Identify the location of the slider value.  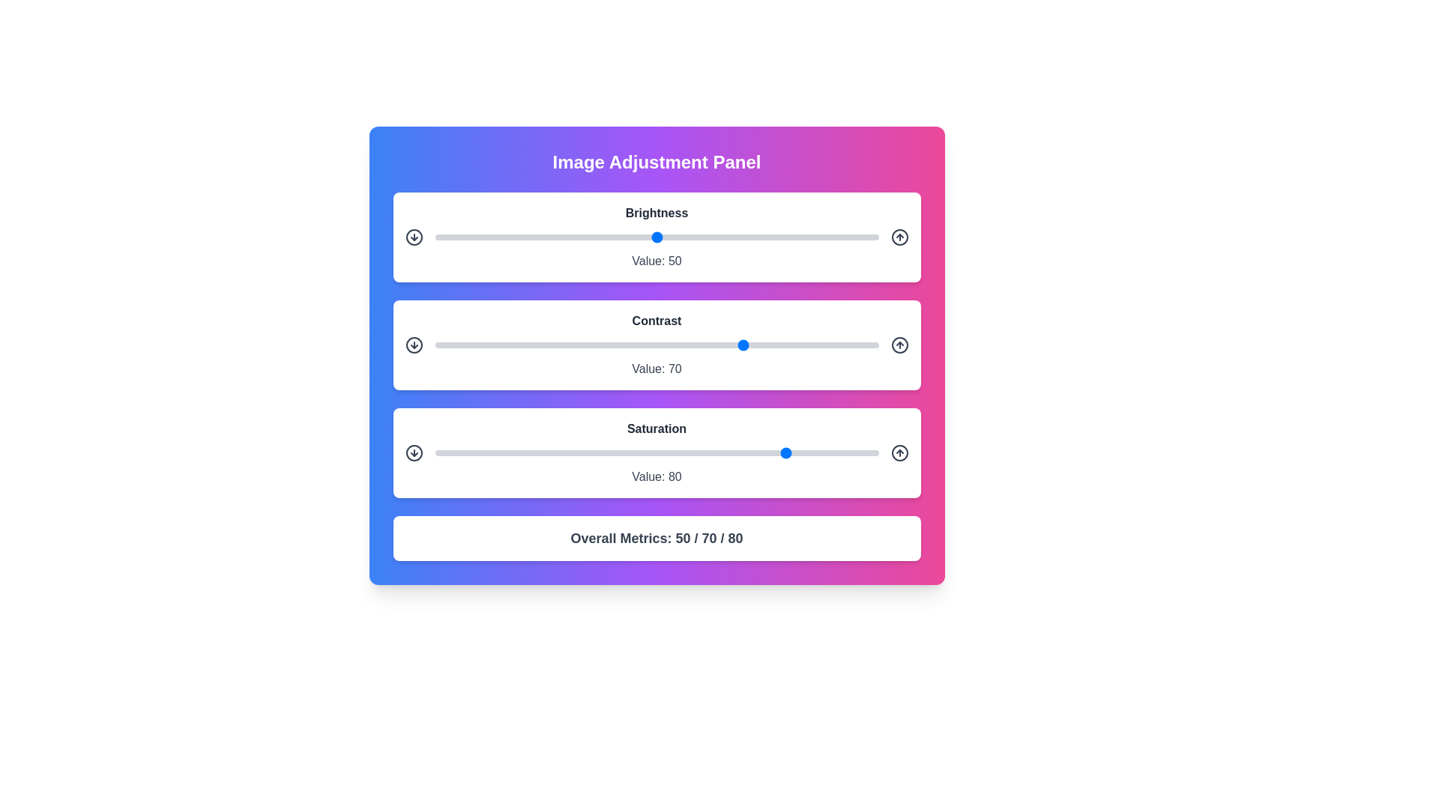
(506, 452).